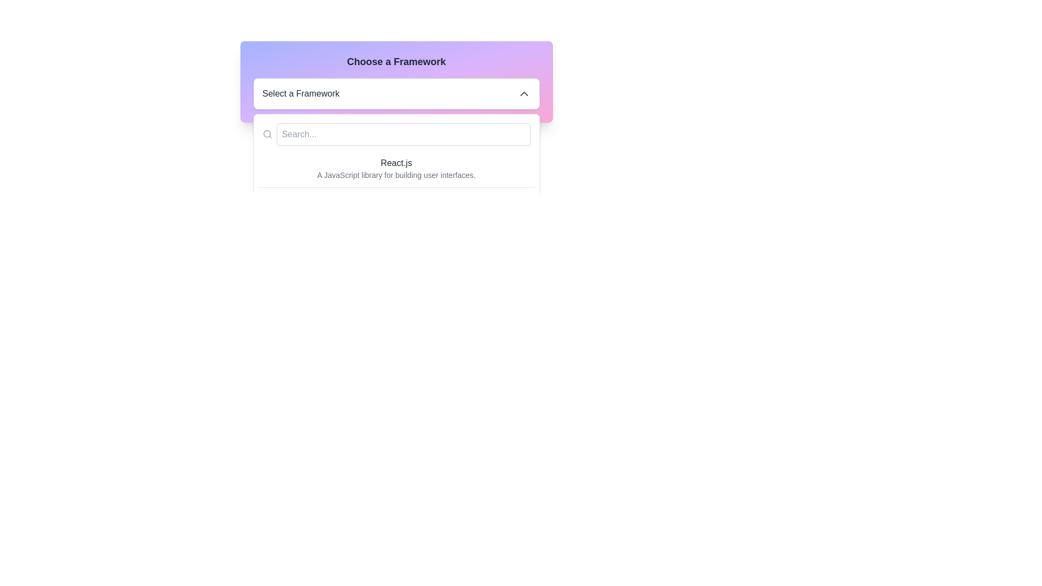 The image size is (1042, 586). What do you see at coordinates (396, 175) in the screenshot?
I see `the text label displaying 'A JavaScript library for building user interfaces.' which is located beneath the bold title 'React.js' in the dropdown list` at bounding box center [396, 175].